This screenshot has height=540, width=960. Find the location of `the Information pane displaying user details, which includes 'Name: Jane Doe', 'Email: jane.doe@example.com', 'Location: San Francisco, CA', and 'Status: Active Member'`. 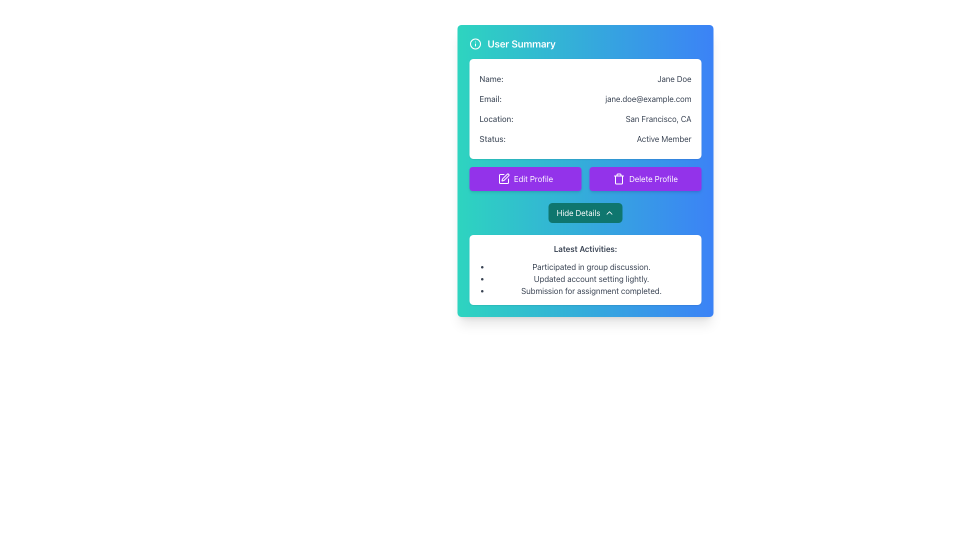

the Information pane displaying user details, which includes 'Name: Jane Doe', 'Email: jane.doe@example.com', 'Location: San Francisco, CA', and 'Status: Active Member' is located at coordinates (585, 109).